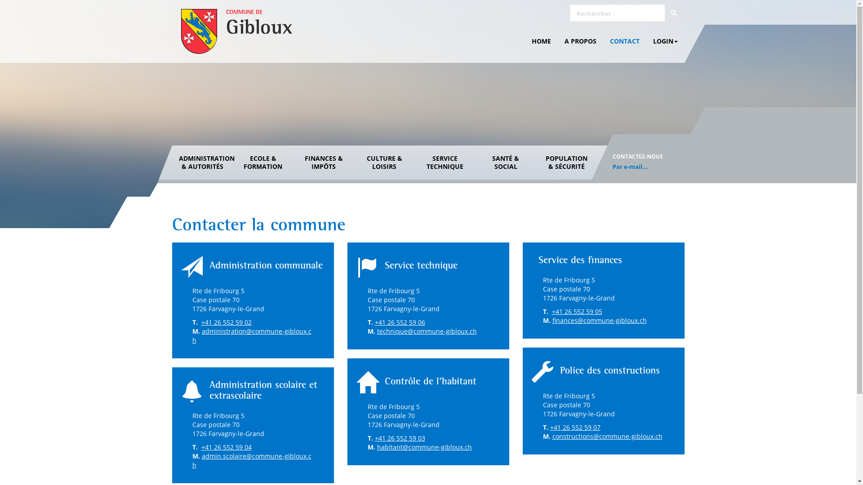 This screenshot has width=863, height=485. Describe the element at coordinates (599, 320) in the screenshot. I see `'finances@commune-gibloux.ch'` at that location.